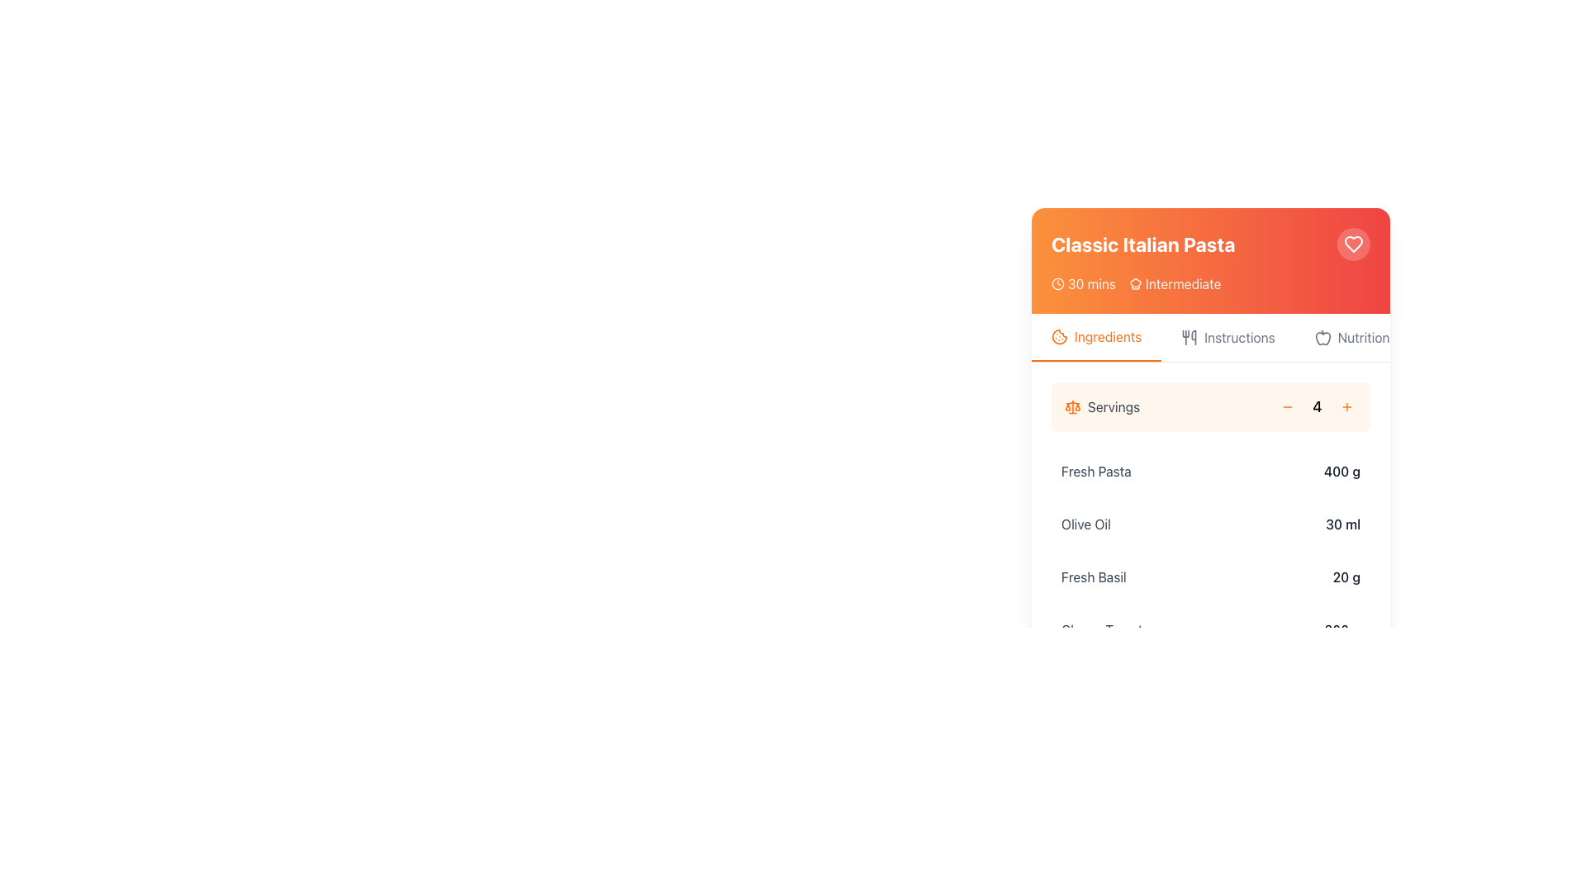  Describe the element at coordinates (1210, 260) in the screenshot. I see `the heart icon on the highlighted title bar containing 'Classic Italian Pasta'` at that location.